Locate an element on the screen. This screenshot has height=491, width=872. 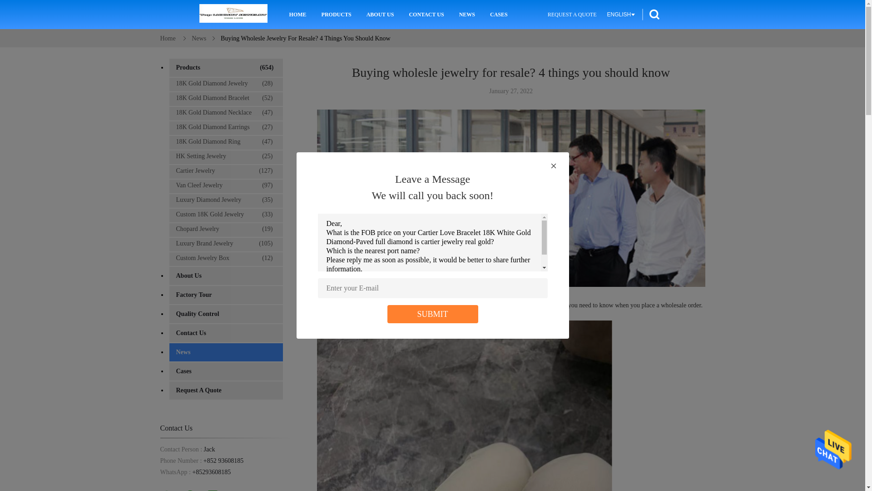
'Chopard Jewelry is located at coordinates (225, 229).